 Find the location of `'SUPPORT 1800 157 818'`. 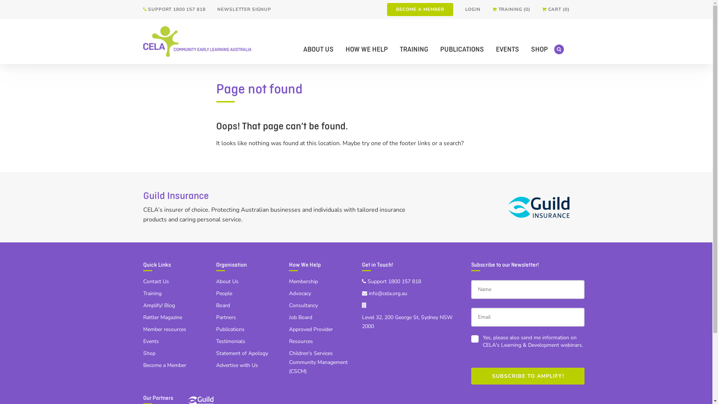

'SUPPORT 1800 157 818' is located at coordinates (174, 9).